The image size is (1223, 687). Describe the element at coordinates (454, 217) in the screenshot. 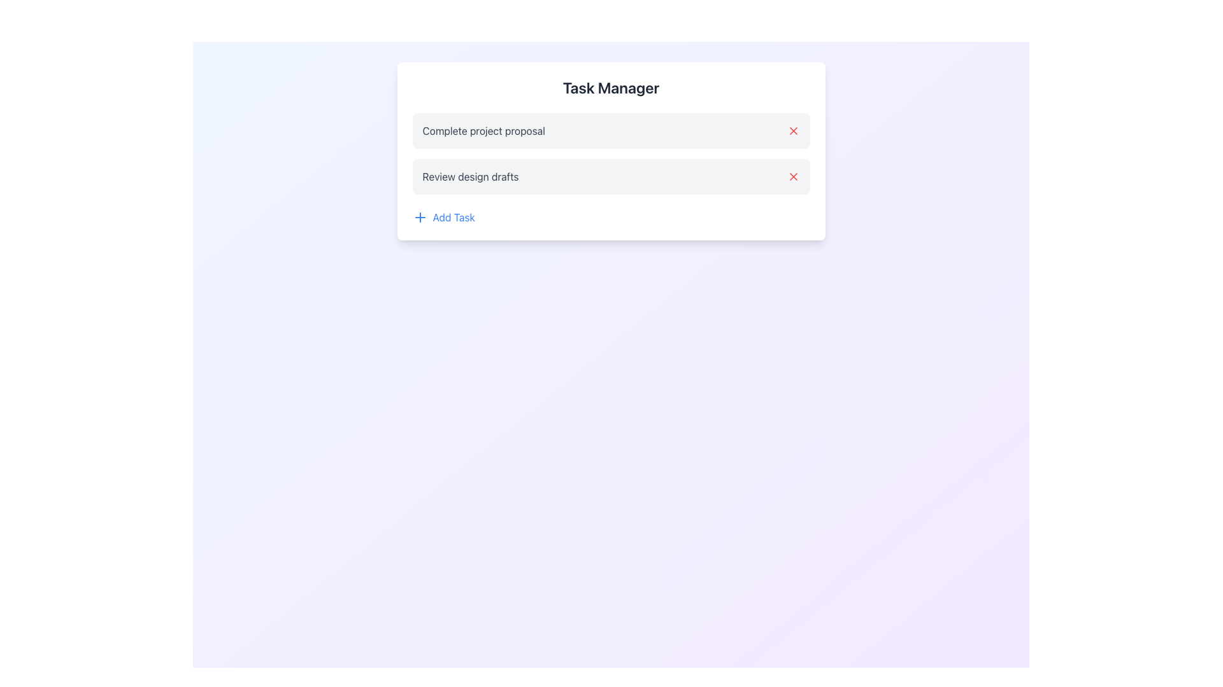

I see `the 'Add Task' text label, which is styled with a blue font and located under the 'Task Manager' title, adjacent to the '+' icon` at that location.